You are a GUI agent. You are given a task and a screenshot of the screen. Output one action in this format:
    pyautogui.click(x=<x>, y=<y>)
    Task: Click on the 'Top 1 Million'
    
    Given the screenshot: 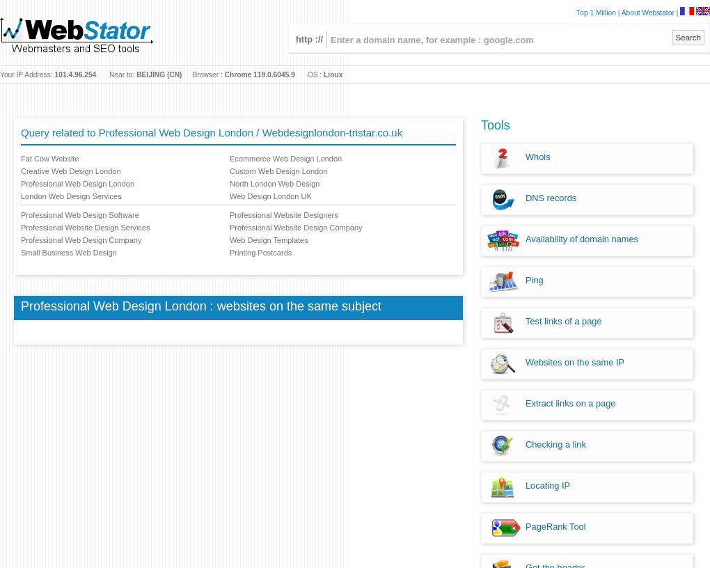 What is the action you would take?
    pyautogui.click(x=594, y=12)
    